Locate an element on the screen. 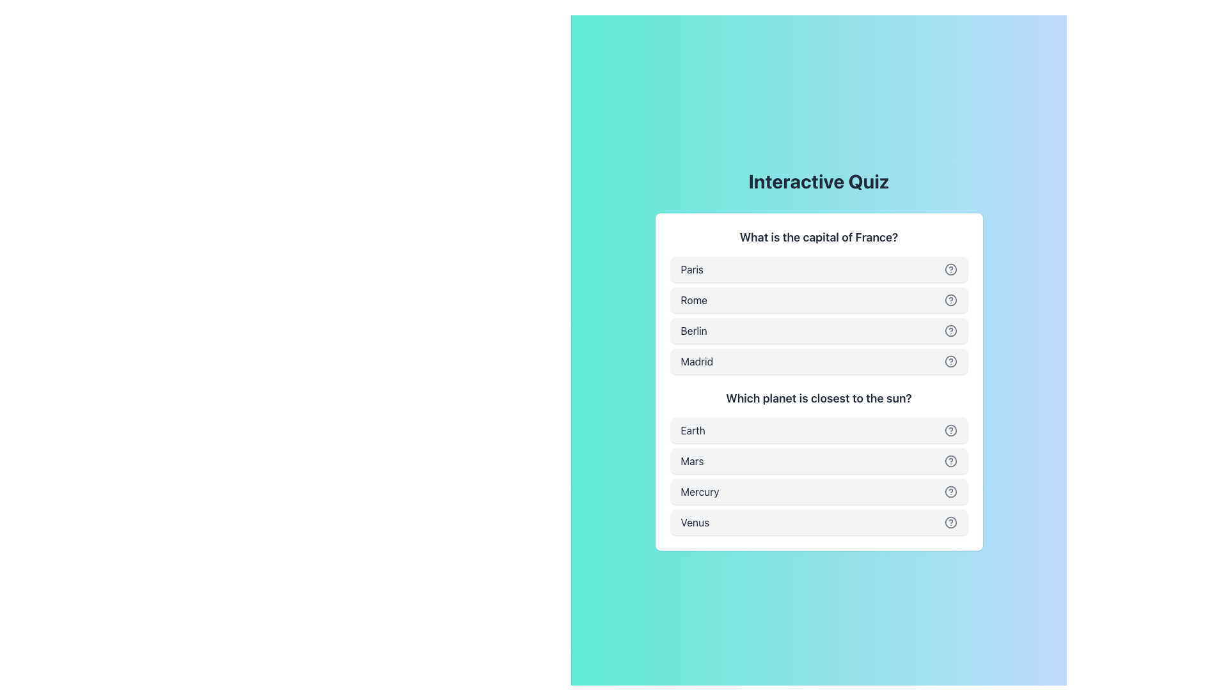  the Circular interactive icon located to the immediate right of the 'Berlin' answer option in the first question of the quiz is located at coordinates (950, 330).